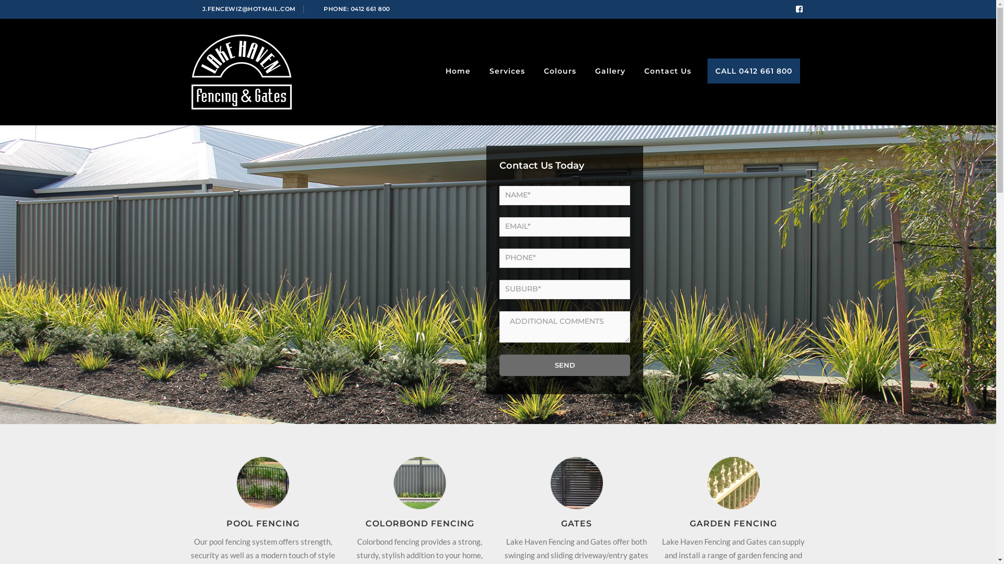 This screenshot has width=1004, height=564. Describe the element at coordinates (640, 70) in the screenshot. I see `'Contact Us'` at that location.